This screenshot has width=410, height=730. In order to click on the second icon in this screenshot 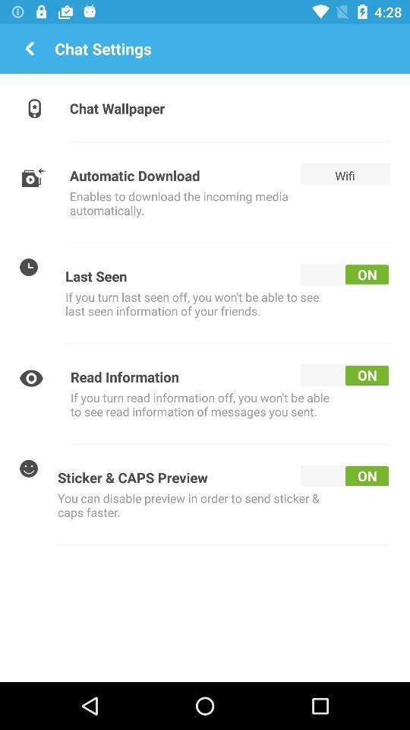, I will do `click(35, 176)`.